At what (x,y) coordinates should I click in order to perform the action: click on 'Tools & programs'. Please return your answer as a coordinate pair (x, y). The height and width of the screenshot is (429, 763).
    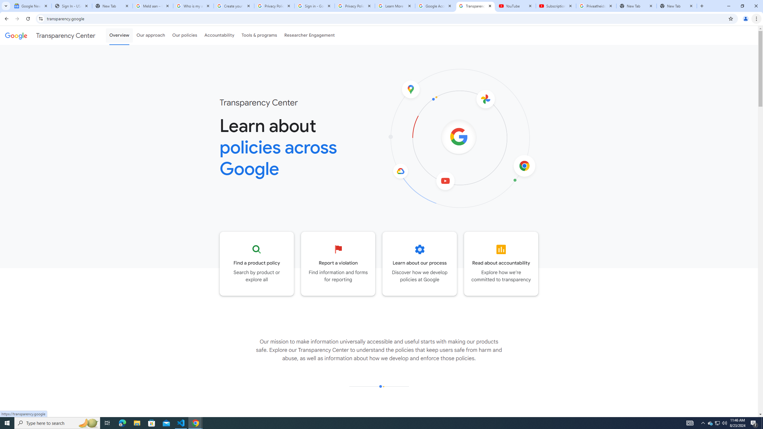
    Looking at the image, I should click on (259, 35).